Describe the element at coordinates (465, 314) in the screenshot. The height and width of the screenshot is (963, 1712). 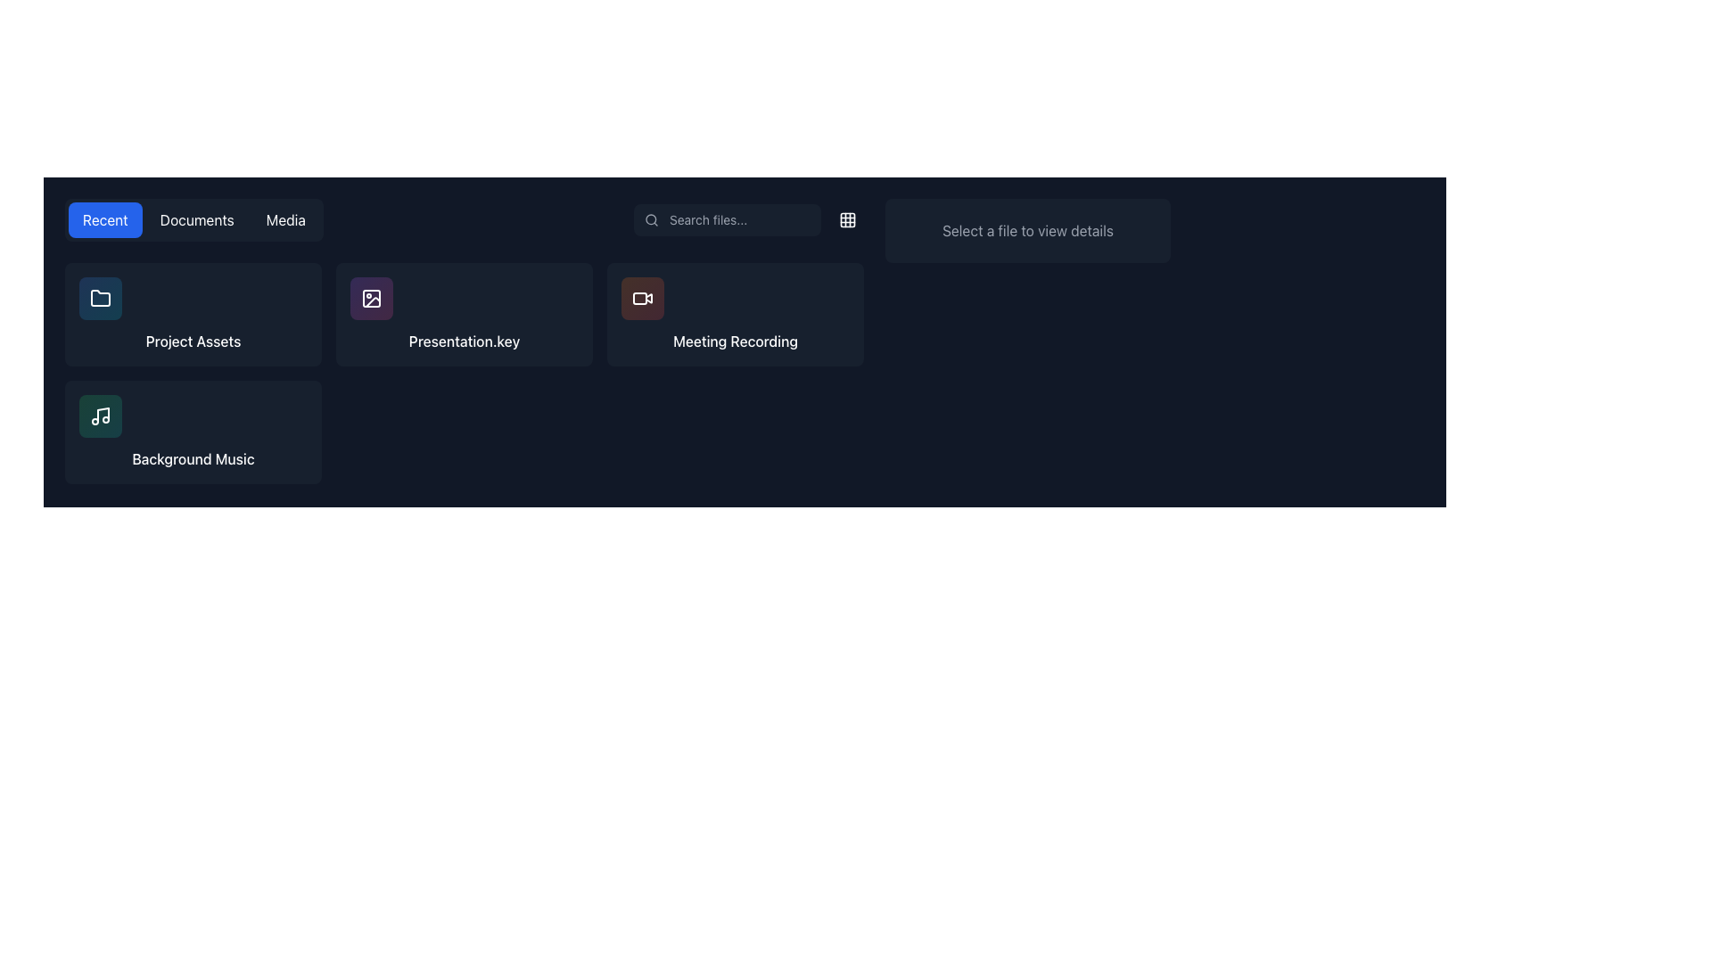
I see `the second interactive card labeled 'Presentation.key' in the file management interface` at that location.